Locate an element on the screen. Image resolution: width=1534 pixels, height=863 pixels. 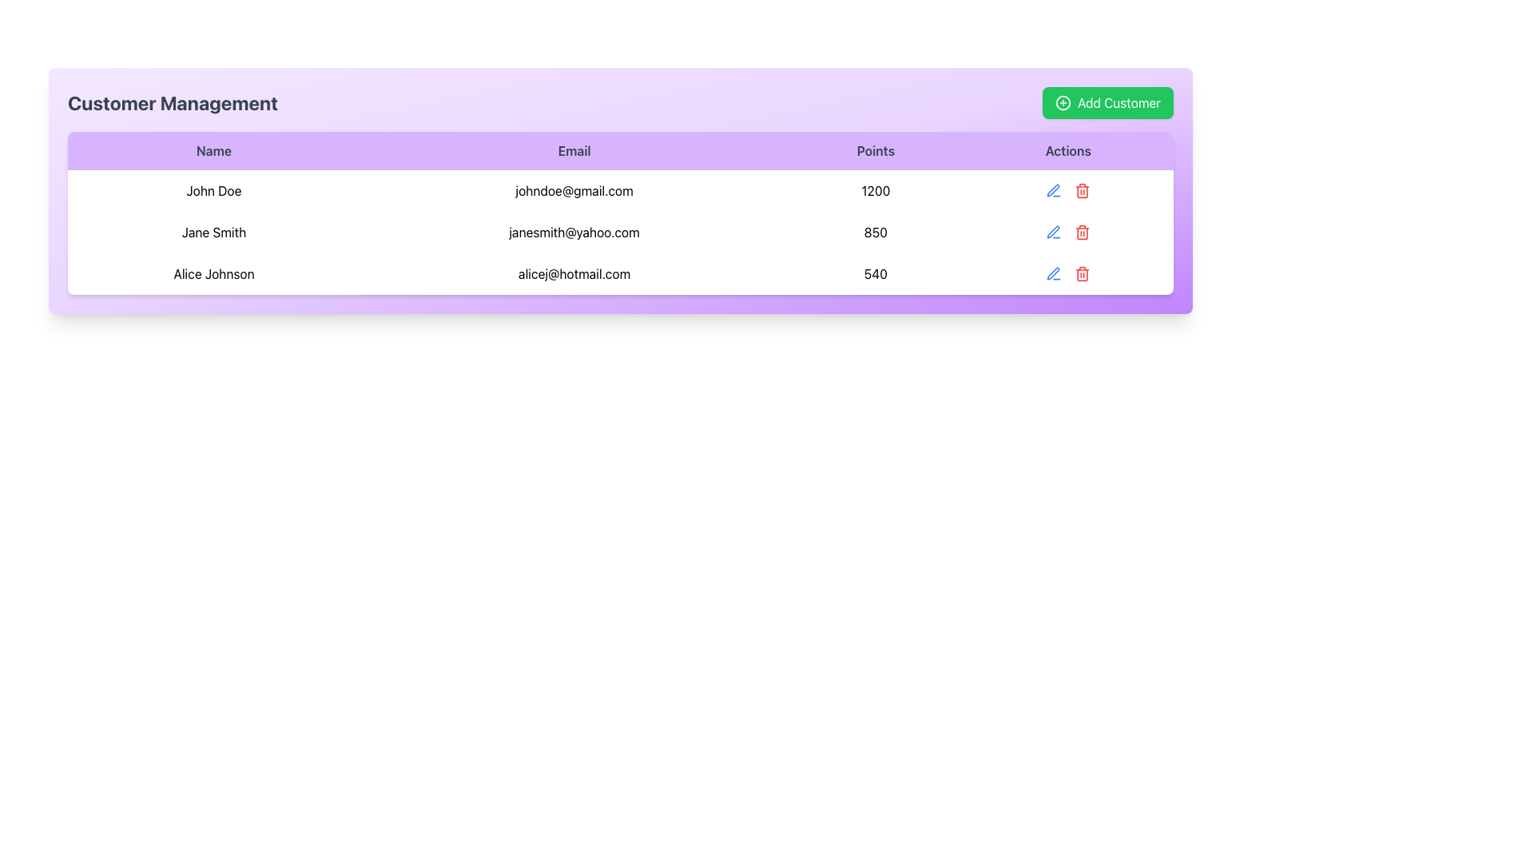
the edit button located in the 'Actions' column of the last row in the customer data table is located at coordinates (1054, 273).